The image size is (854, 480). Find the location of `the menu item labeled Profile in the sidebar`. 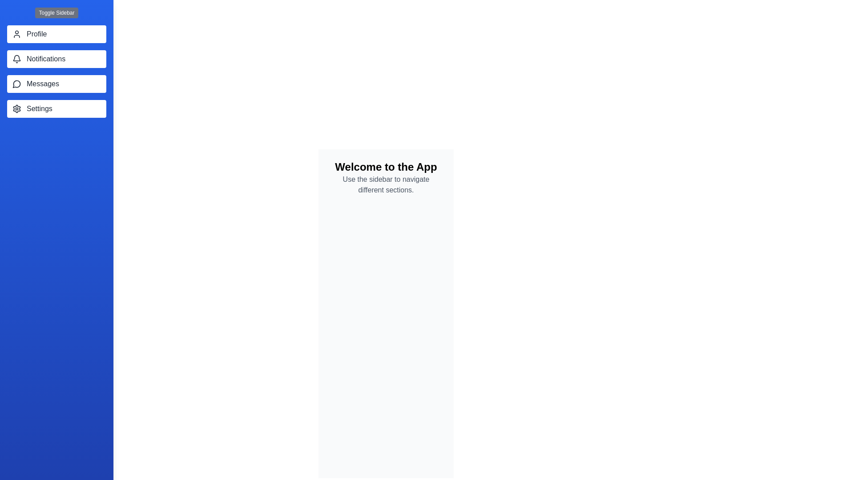

the menu item labeled Profile in the sidebar is located at coordinates (56, 34).